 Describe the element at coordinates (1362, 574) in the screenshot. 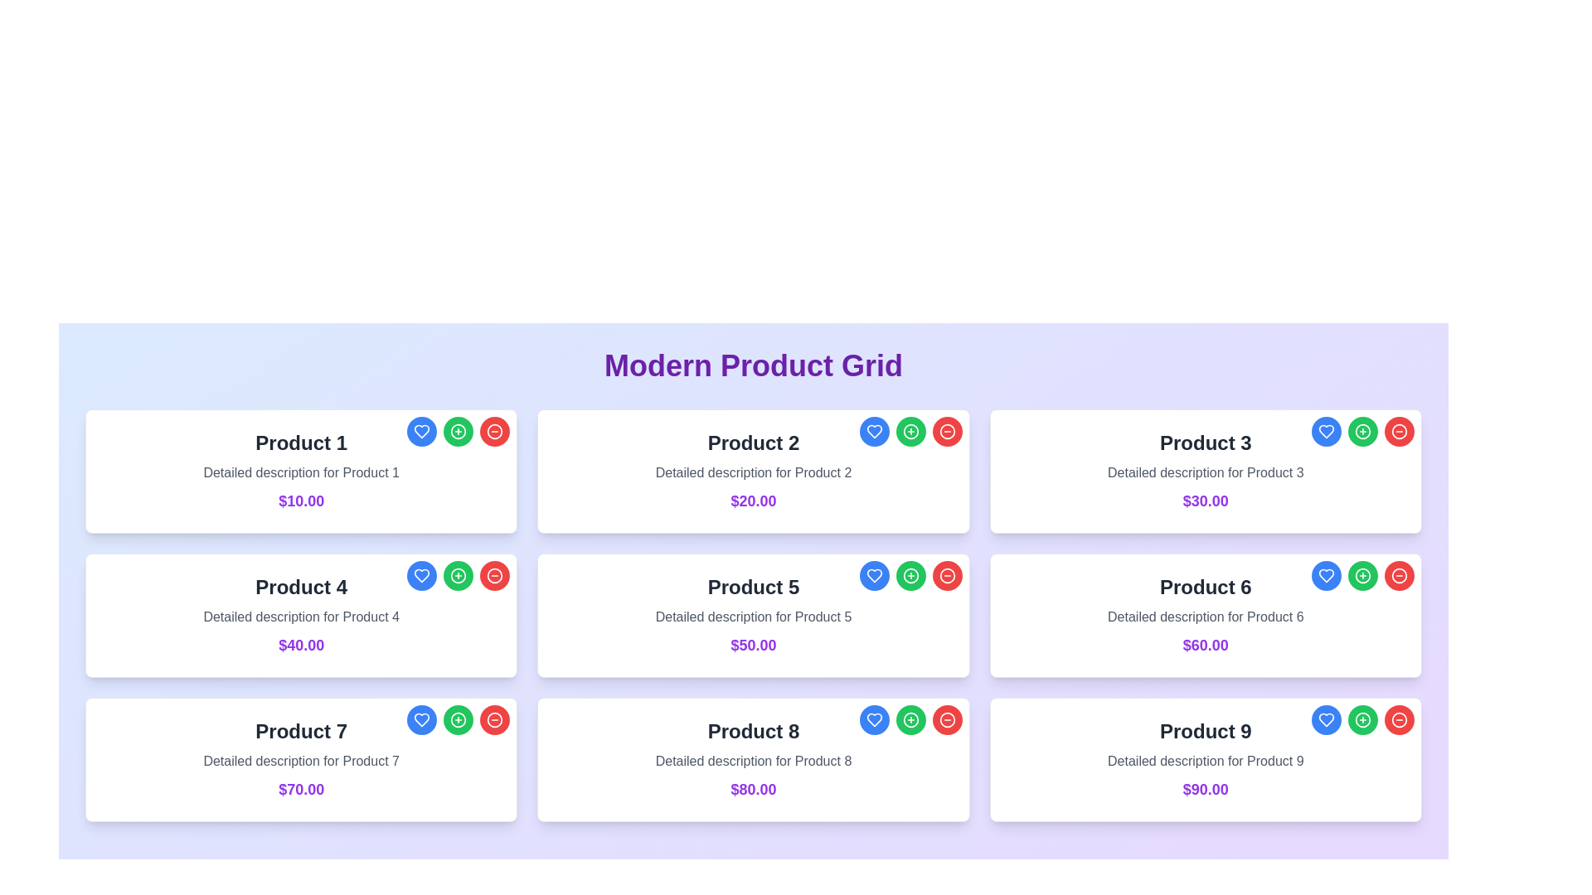

I see `the green circular button with a white plus icon located in the top right of the card for 'Product 6'` at that location.